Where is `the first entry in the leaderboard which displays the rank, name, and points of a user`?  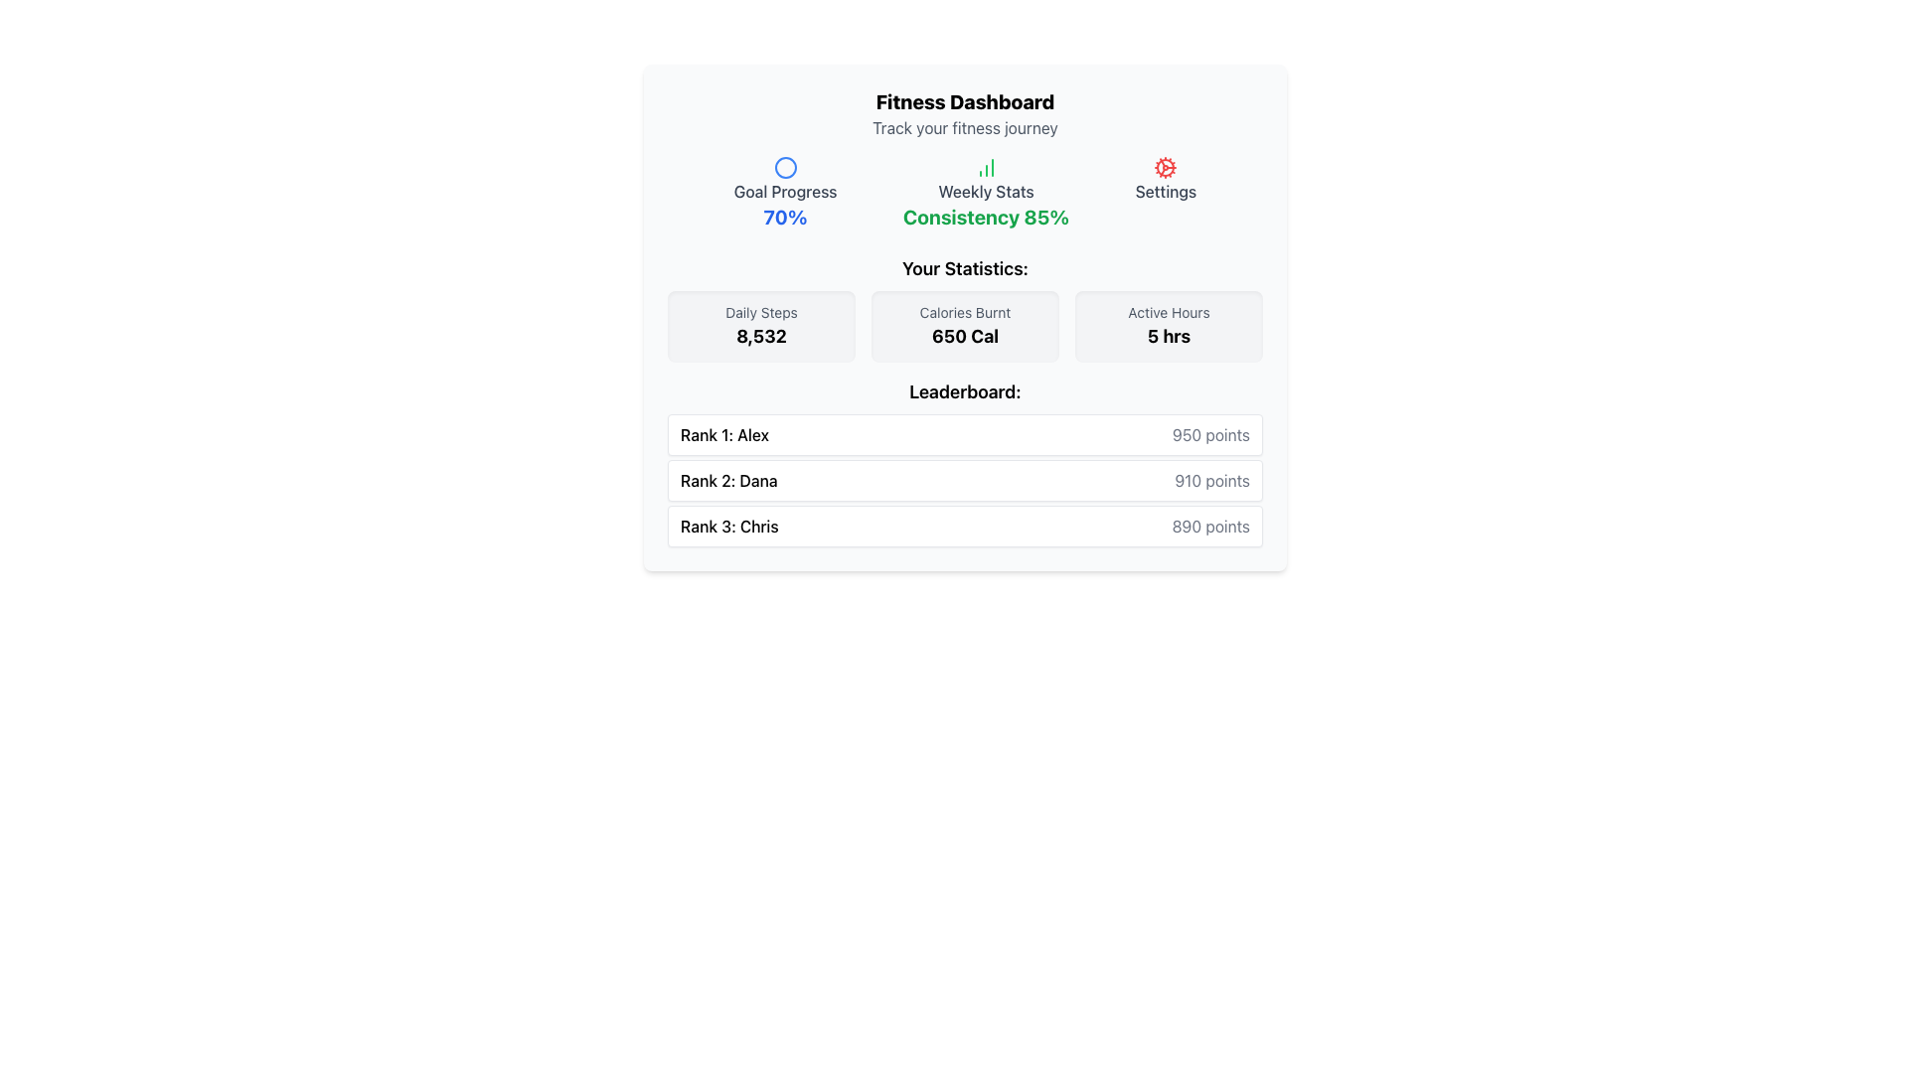
the first entry in the leaderboard which displays the rank, name, and points of a user is located at coordinates (965, 434).